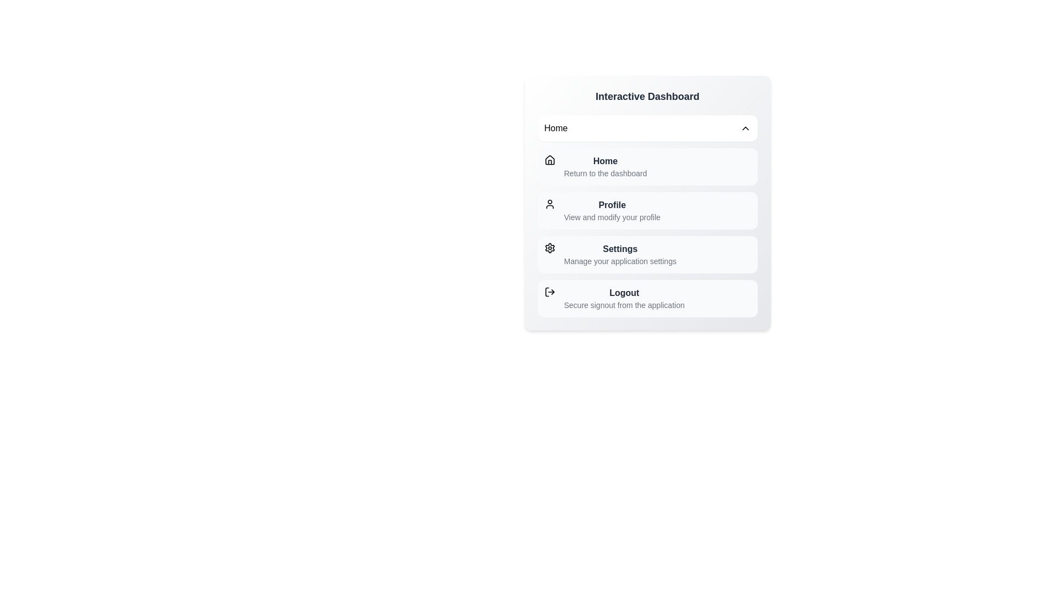 Image resolution: width=1055 pixels, height=593 pixels. Describe the element at coordinates (647, 254) in the screenshot. I see `the menu section Settings` at that location.